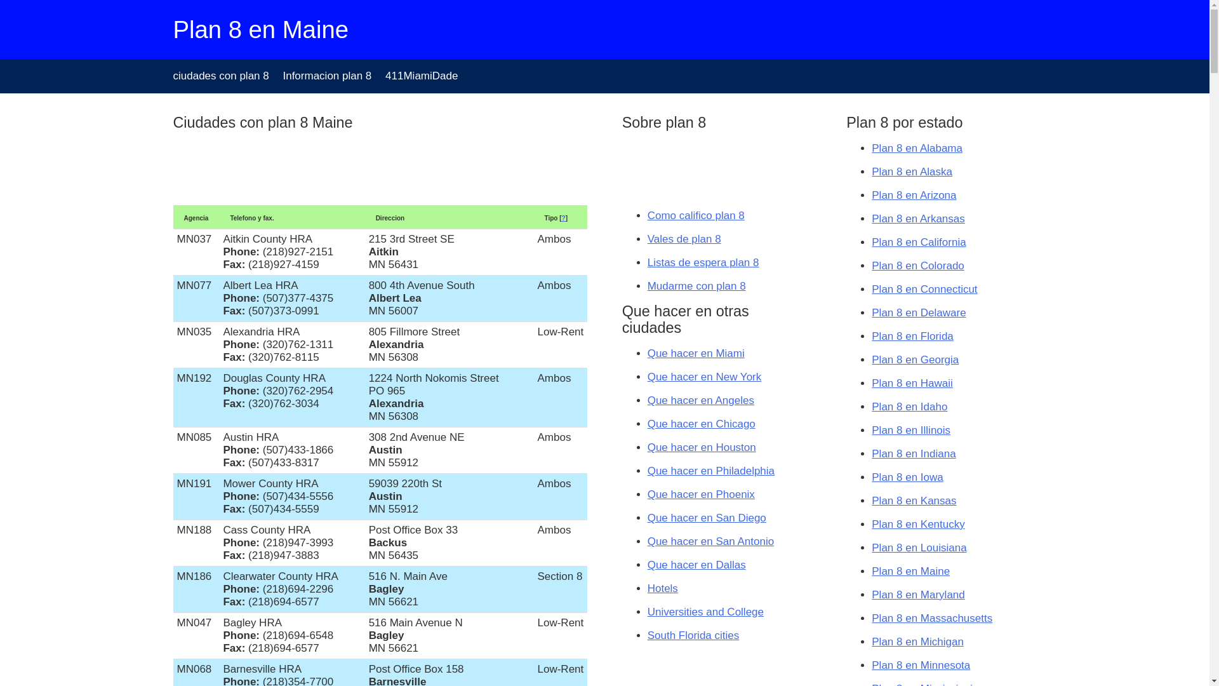  What do you see at coordinates (915, 360) in the screenshot?
I see `'Plan 8 en Georgia'` at bounding box center [915, 360].